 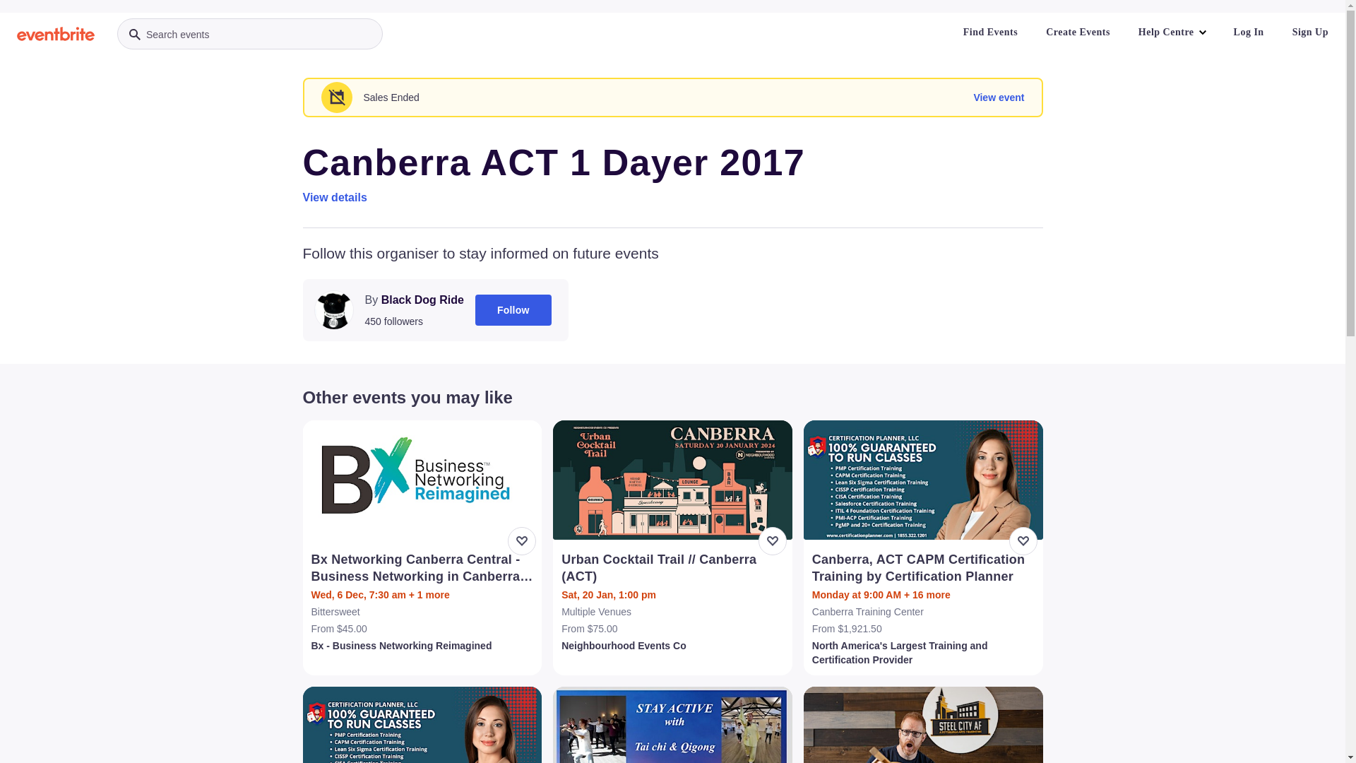 What do you see at coordinates (1249, 32) in the screenshot?
I see `'Log In'` at bounding box center [1249, 32].